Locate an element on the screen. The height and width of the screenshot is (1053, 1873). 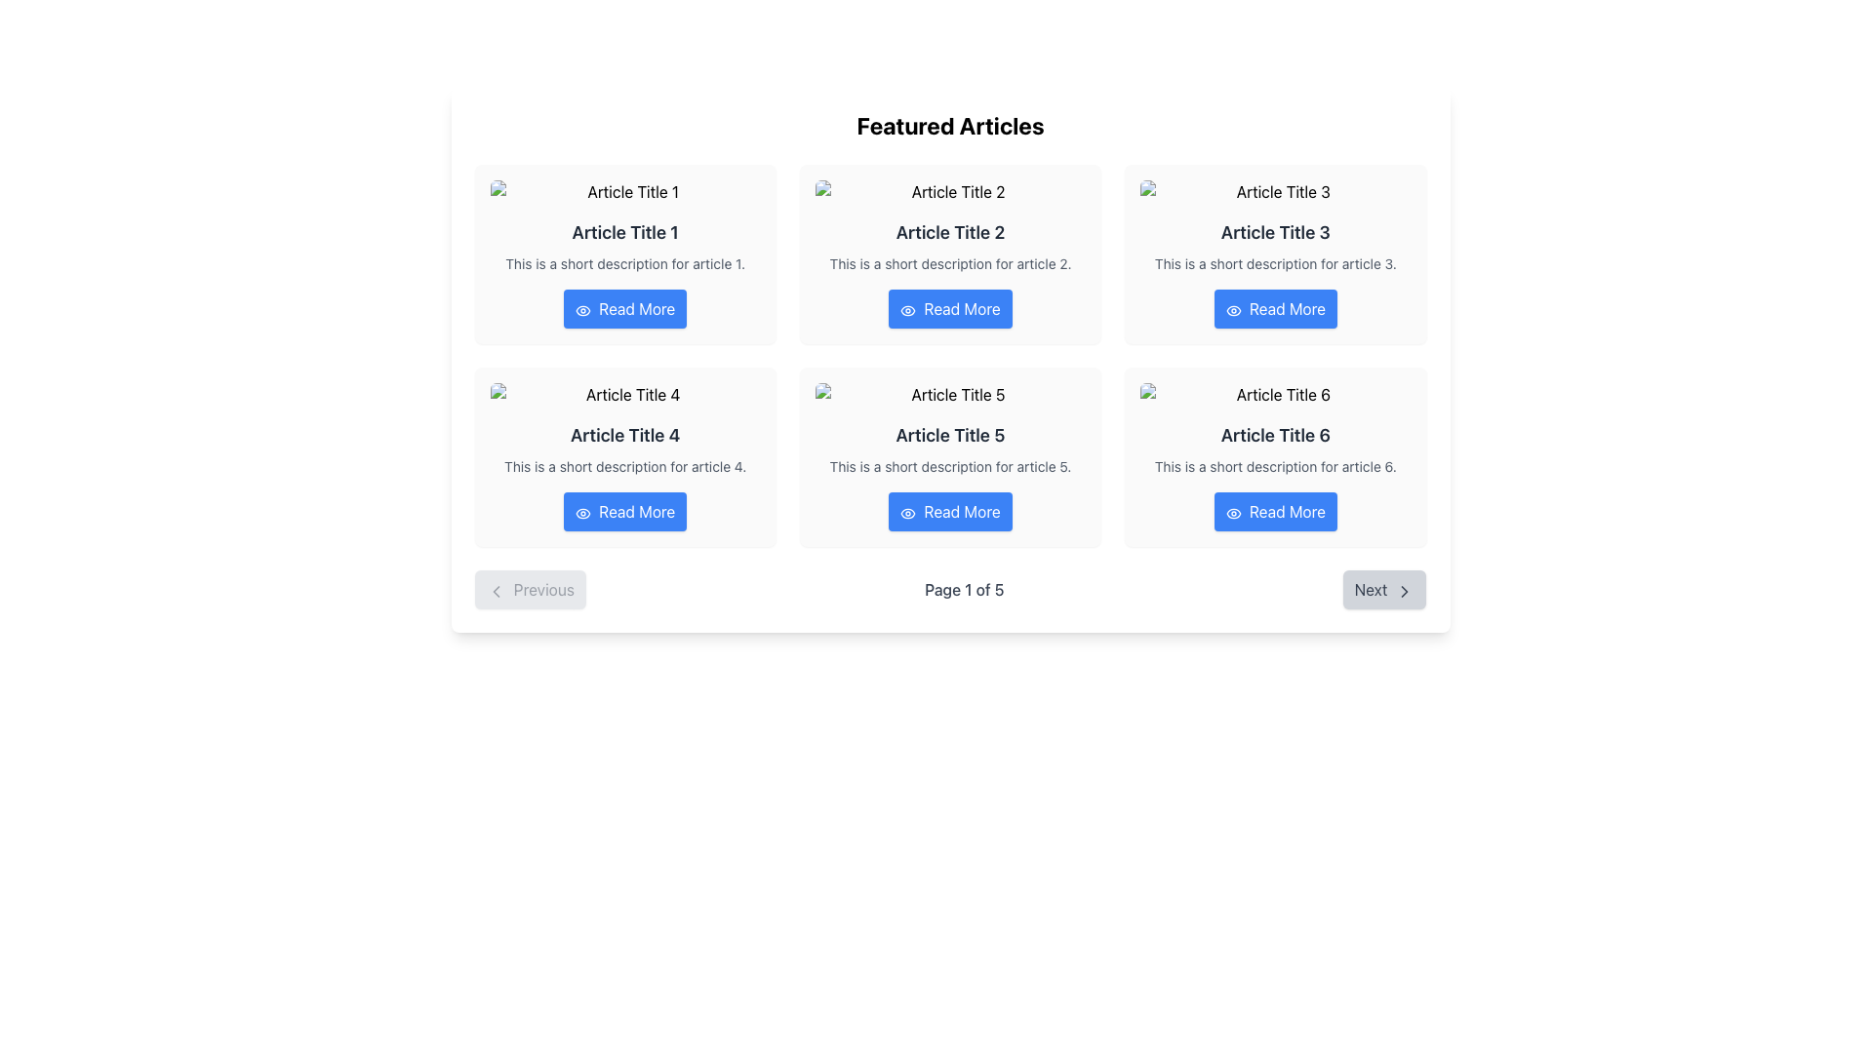
the 'Read More' button with an eye icon located in the first article card is located at coordinates (625, 307).